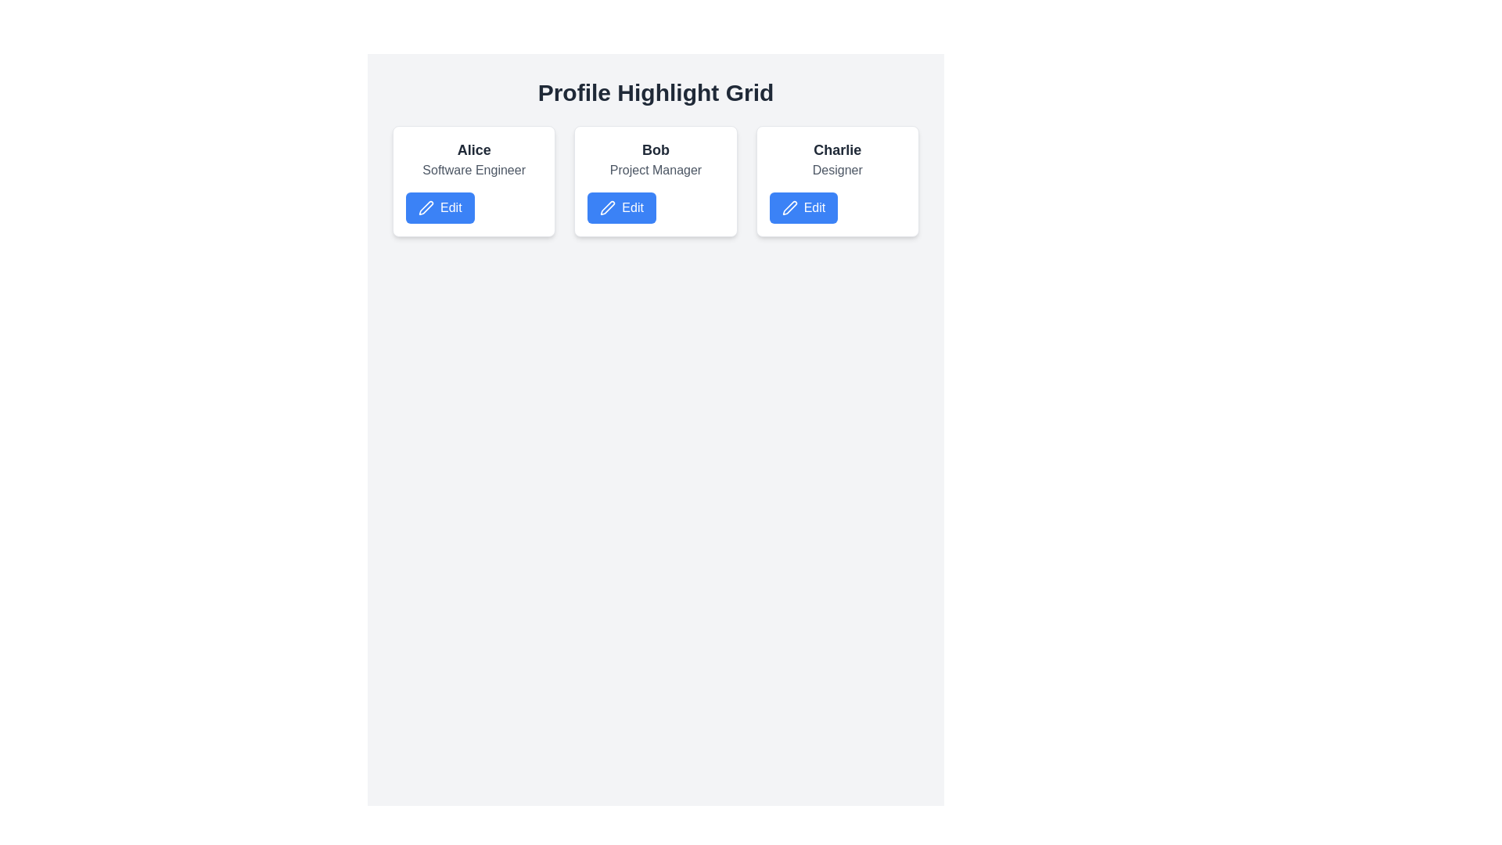 The height and width of the screenshot is (845, 1502). Describe the element at coordinates (607, 207) in the screenshot. I see `the pen icon within the 'Edit' button for the profile of 'Bob - Project Manager', which allows users to edit profile details` at that location.